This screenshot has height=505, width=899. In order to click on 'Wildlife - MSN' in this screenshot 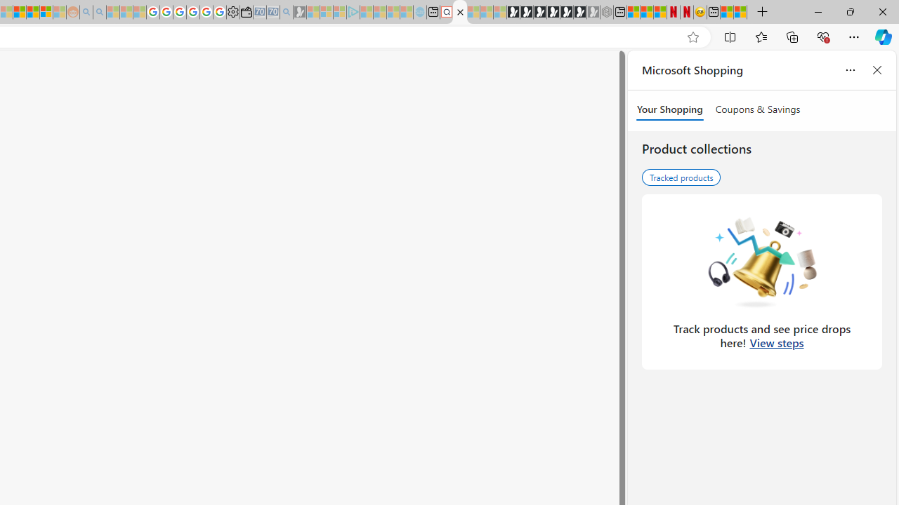, I will do `click(727, 12)`.